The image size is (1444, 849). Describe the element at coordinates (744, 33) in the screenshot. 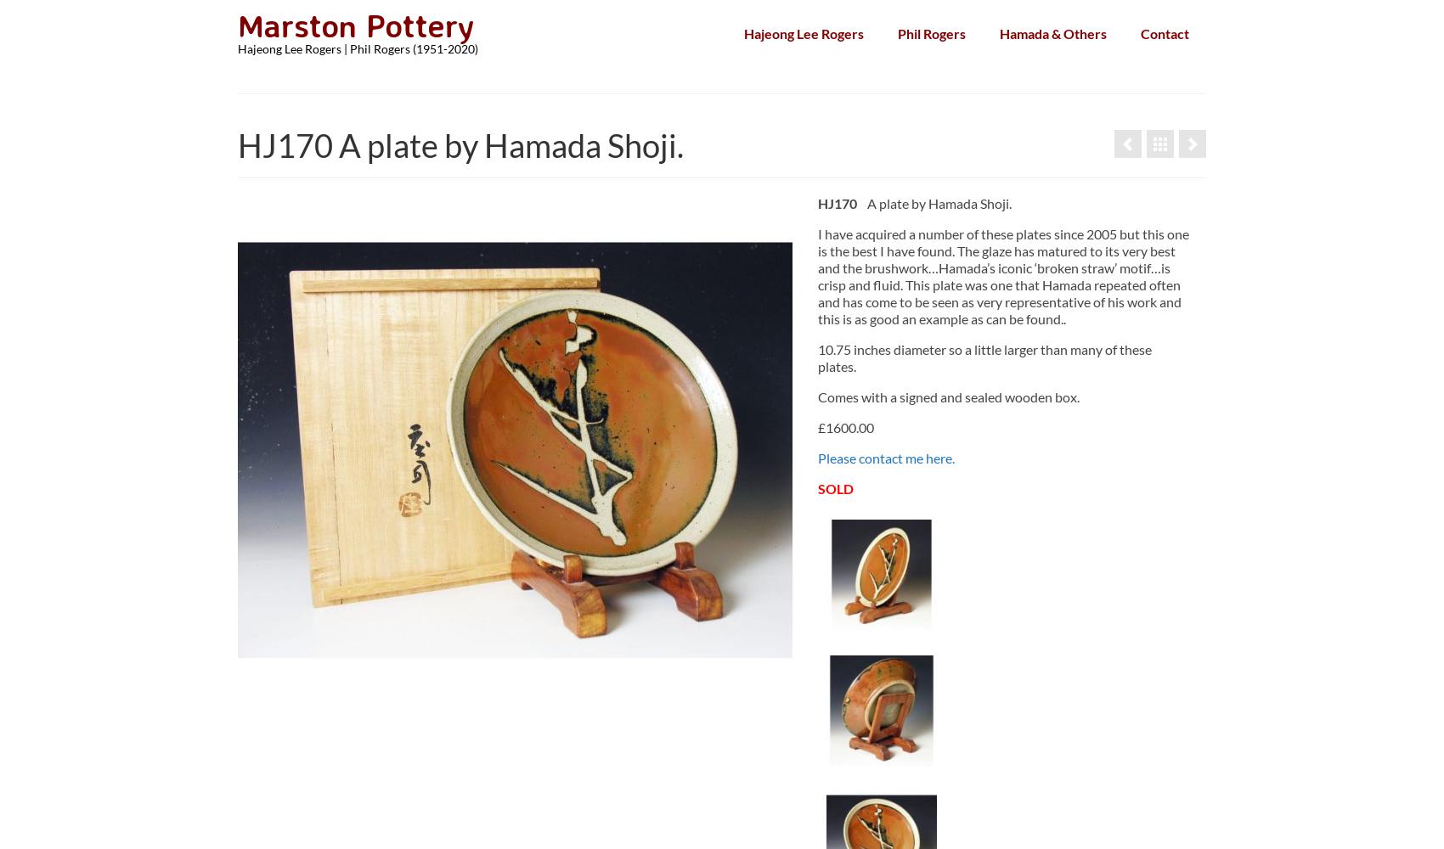

I see `'Hajeong Lee Rogers'` at that location.